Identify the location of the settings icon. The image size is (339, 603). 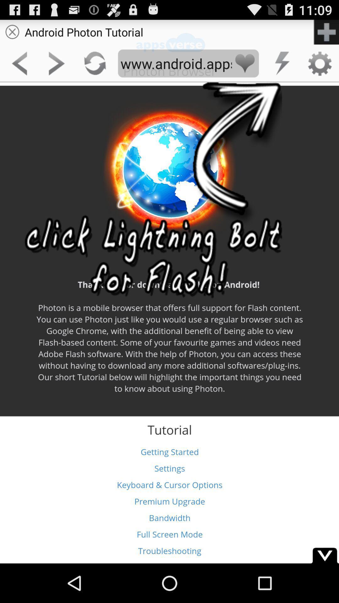
(320, 68).